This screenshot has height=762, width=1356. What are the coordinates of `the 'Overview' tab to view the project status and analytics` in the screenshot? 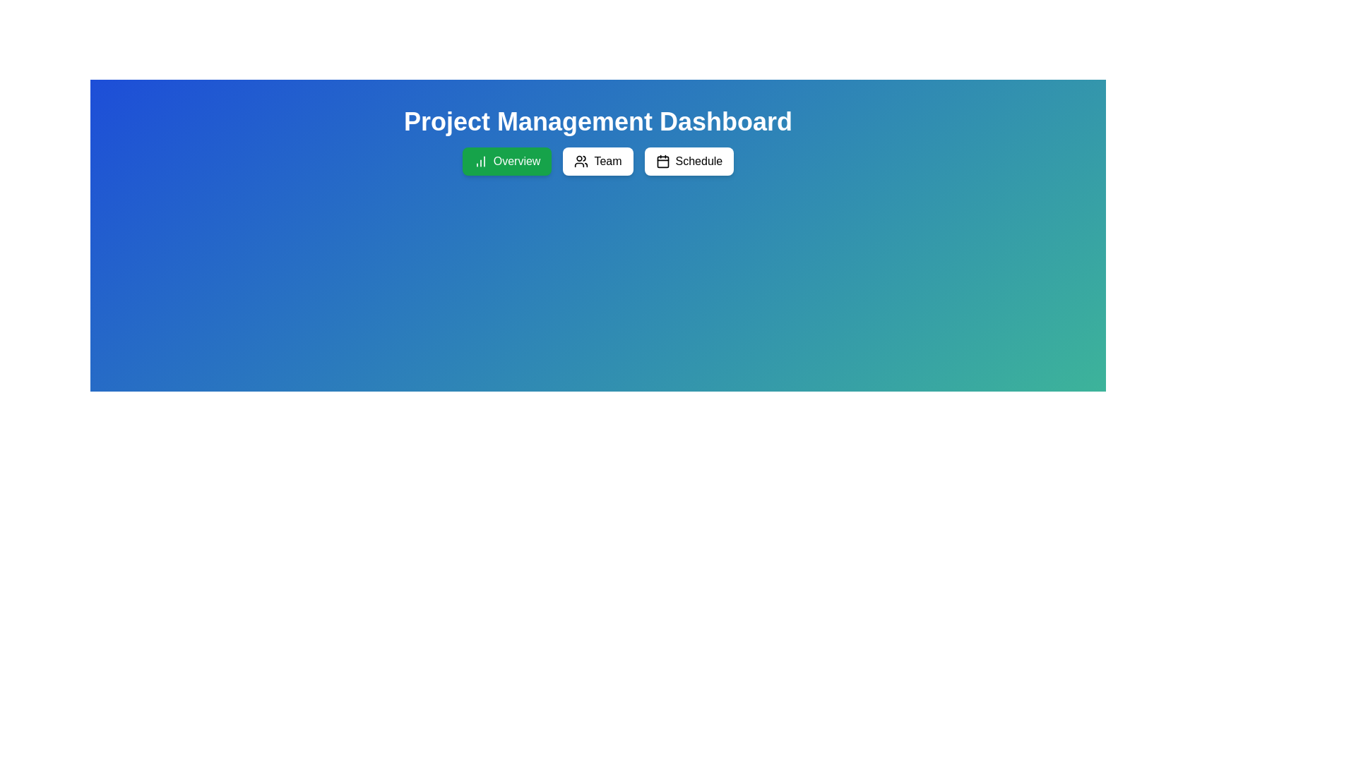 It's located at (507, 160).